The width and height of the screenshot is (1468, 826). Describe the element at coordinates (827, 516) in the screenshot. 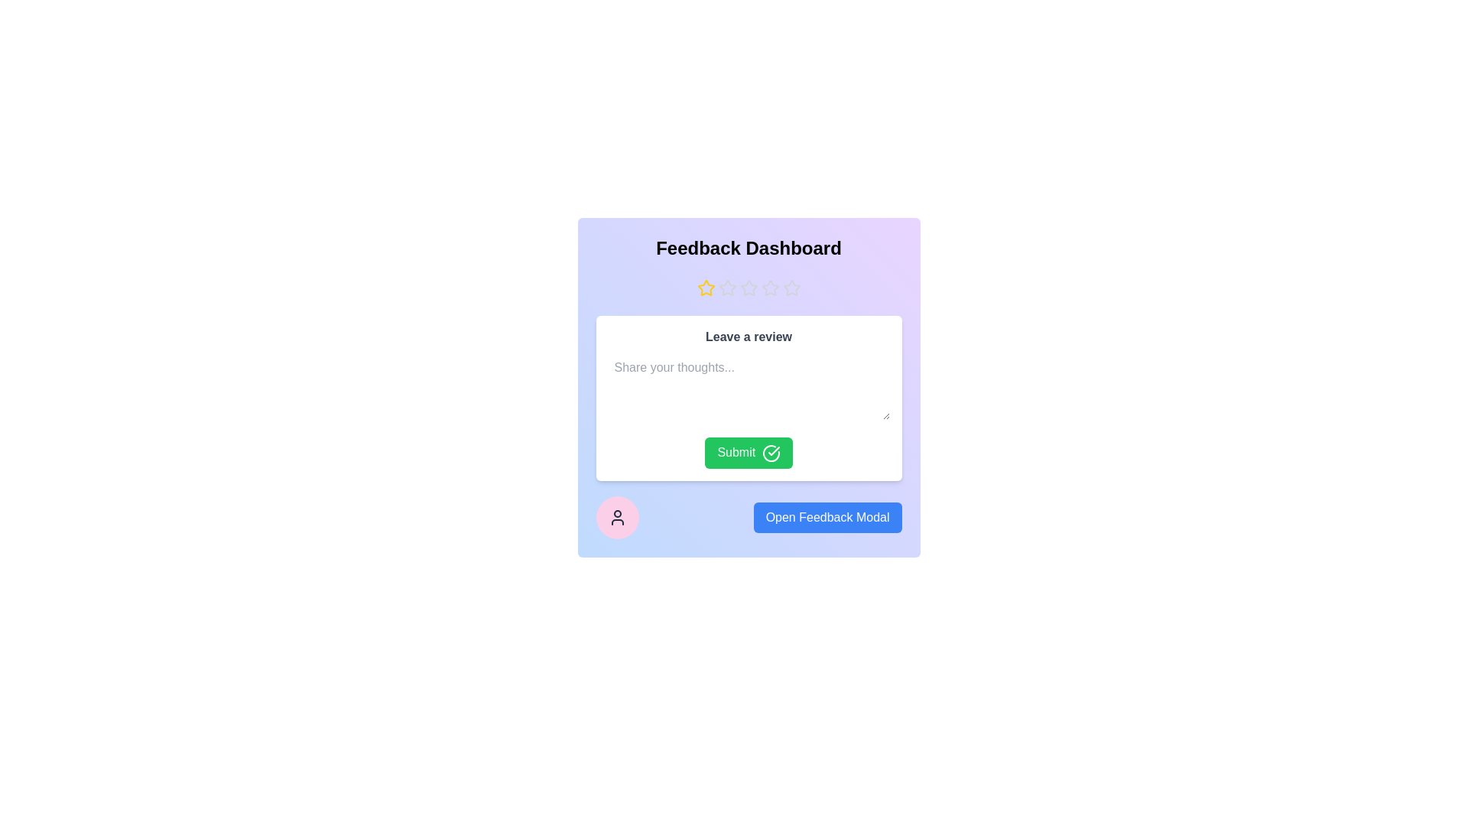

I see `the feedback button located to the right of the circular icon with a person symbol` at that location.